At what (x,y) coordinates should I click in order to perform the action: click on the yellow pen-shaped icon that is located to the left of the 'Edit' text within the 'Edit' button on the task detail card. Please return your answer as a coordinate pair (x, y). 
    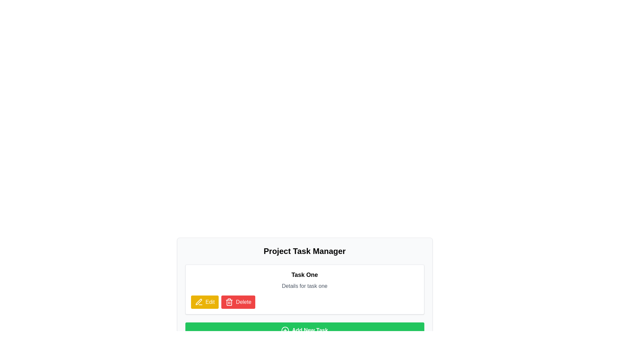
    Looking at the image, I should click on (198, 302).